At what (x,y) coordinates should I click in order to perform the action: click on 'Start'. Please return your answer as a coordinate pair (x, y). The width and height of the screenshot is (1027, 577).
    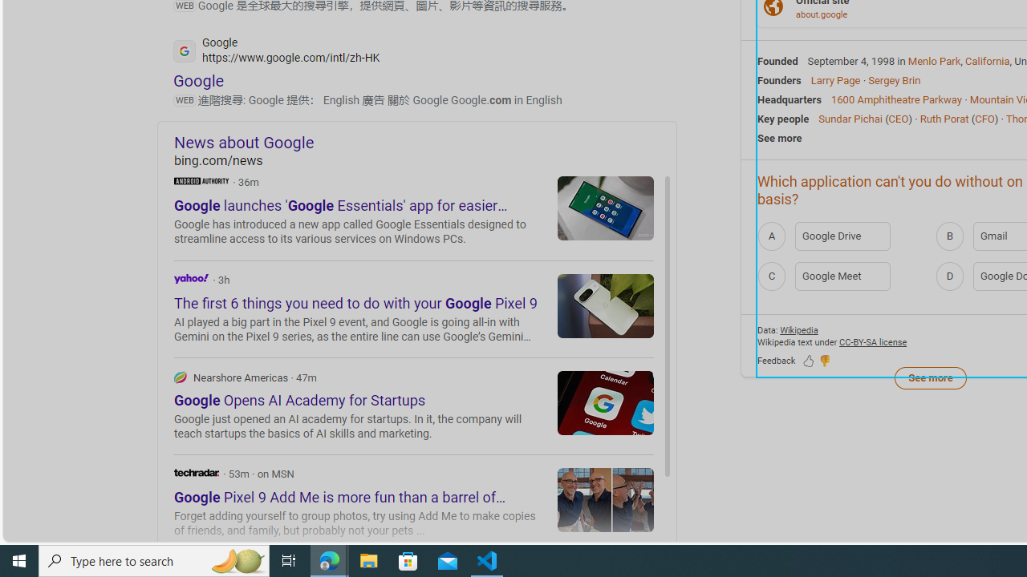
    Looking at the image, I should click on (19, 559).